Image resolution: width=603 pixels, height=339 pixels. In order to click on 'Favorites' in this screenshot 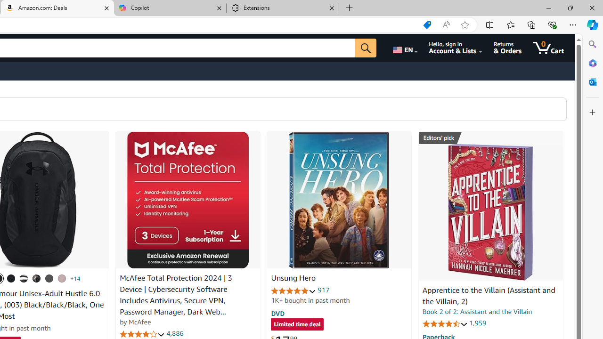, I will do `click(510, 24)`.